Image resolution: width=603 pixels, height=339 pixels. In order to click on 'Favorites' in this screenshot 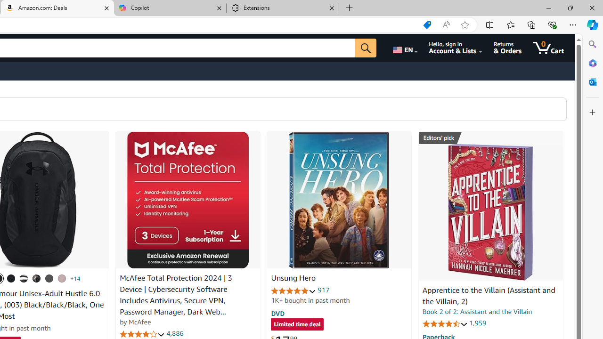, I will do `click(510, 24)`.